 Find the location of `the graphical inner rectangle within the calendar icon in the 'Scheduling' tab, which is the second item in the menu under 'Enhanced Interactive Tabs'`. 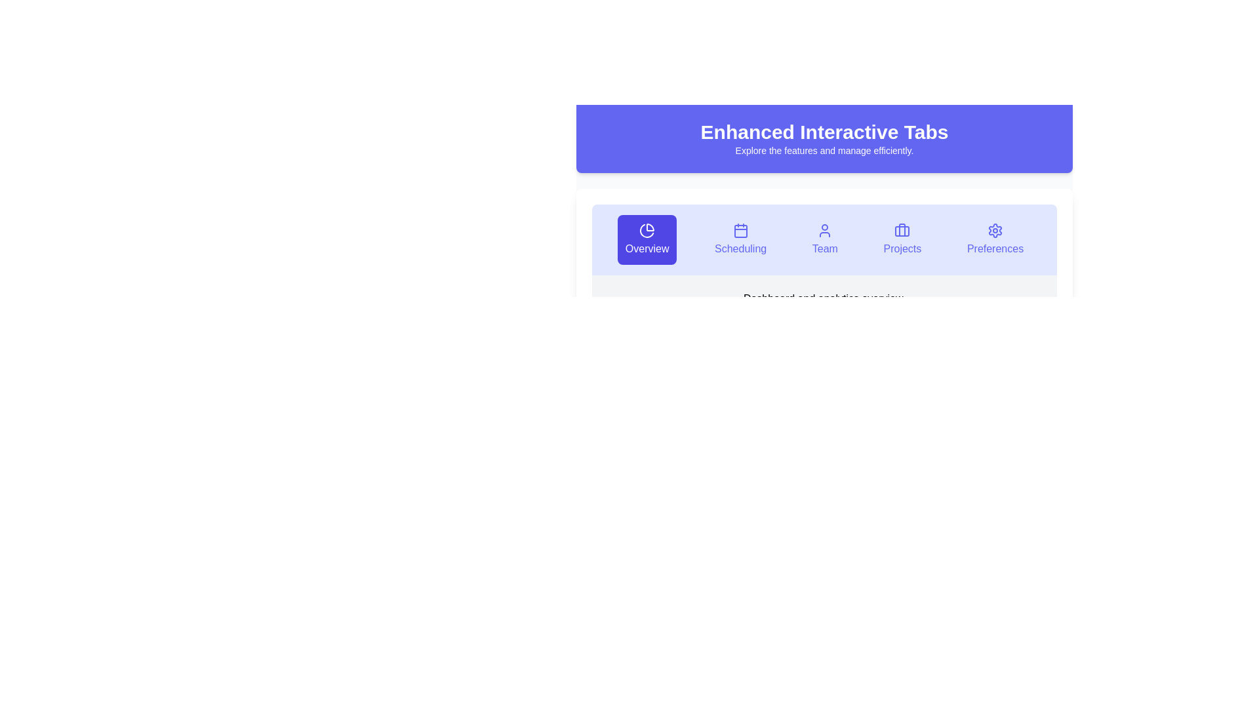

the graphical inner rectangle within the calendar icon in the 'Scheduling' tab, which is the second item in the menu under 'Enhanced Interactive Tabs' is located at coordinates (740, 231).